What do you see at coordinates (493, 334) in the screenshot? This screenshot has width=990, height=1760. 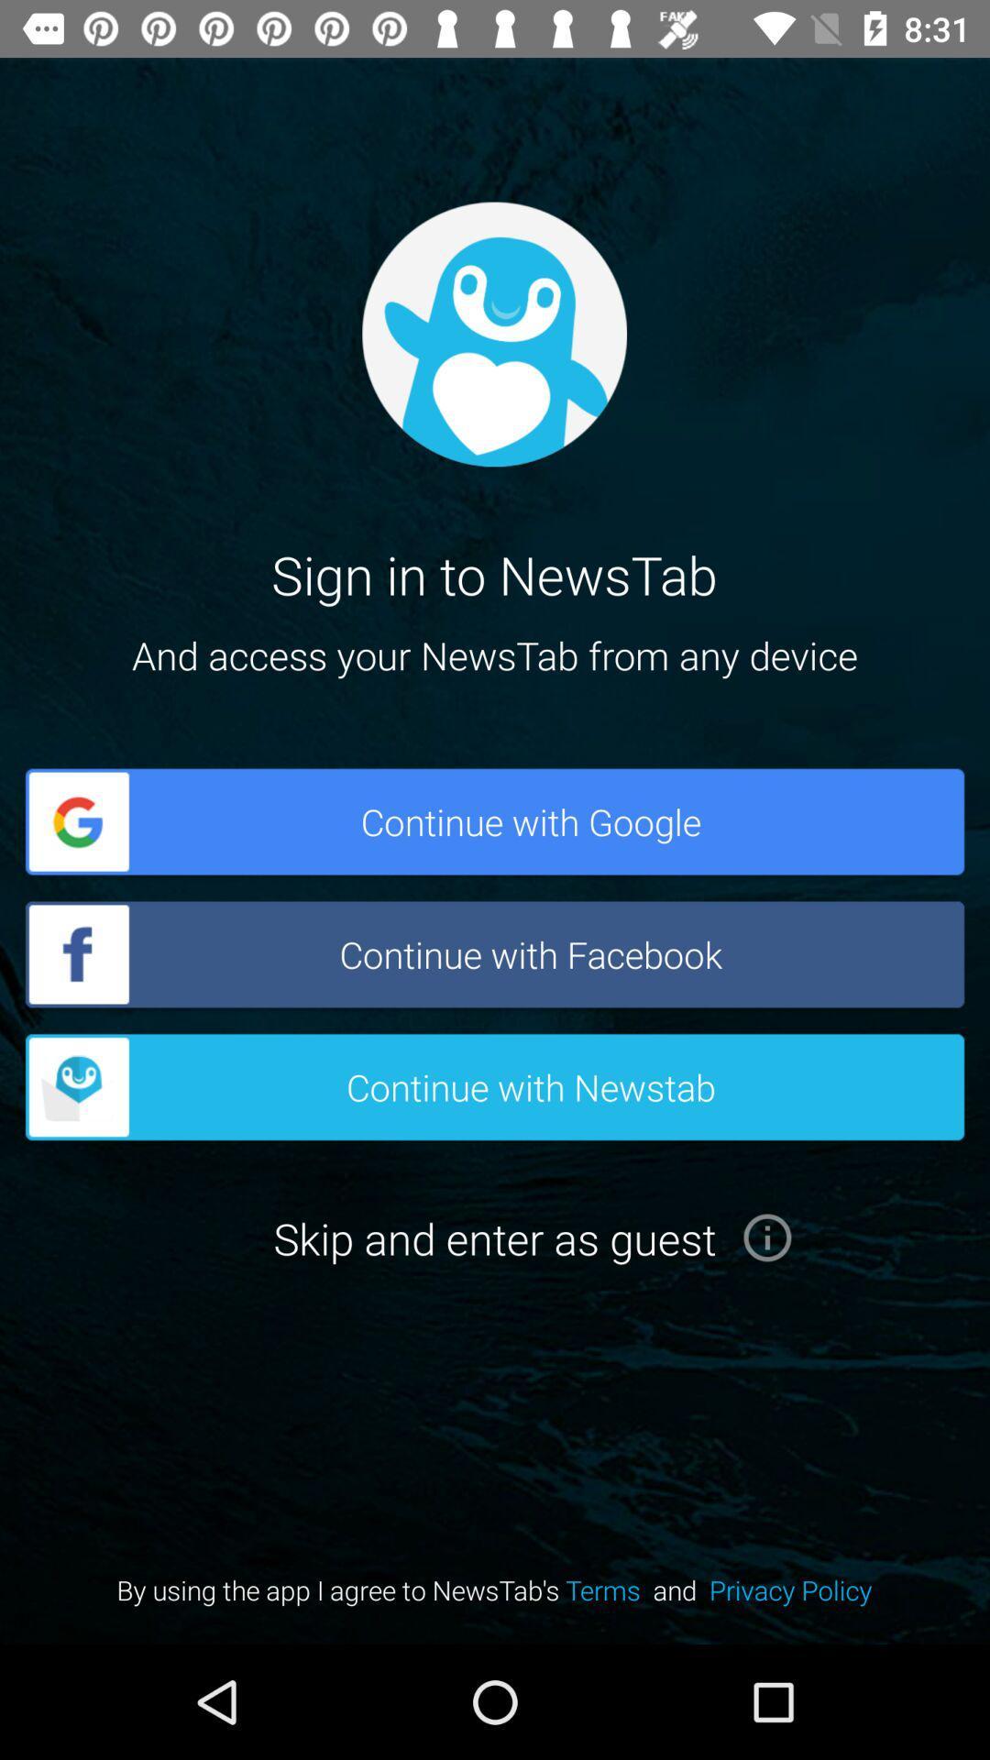 I see `the image on the web page` at bounding box center [493, 334].